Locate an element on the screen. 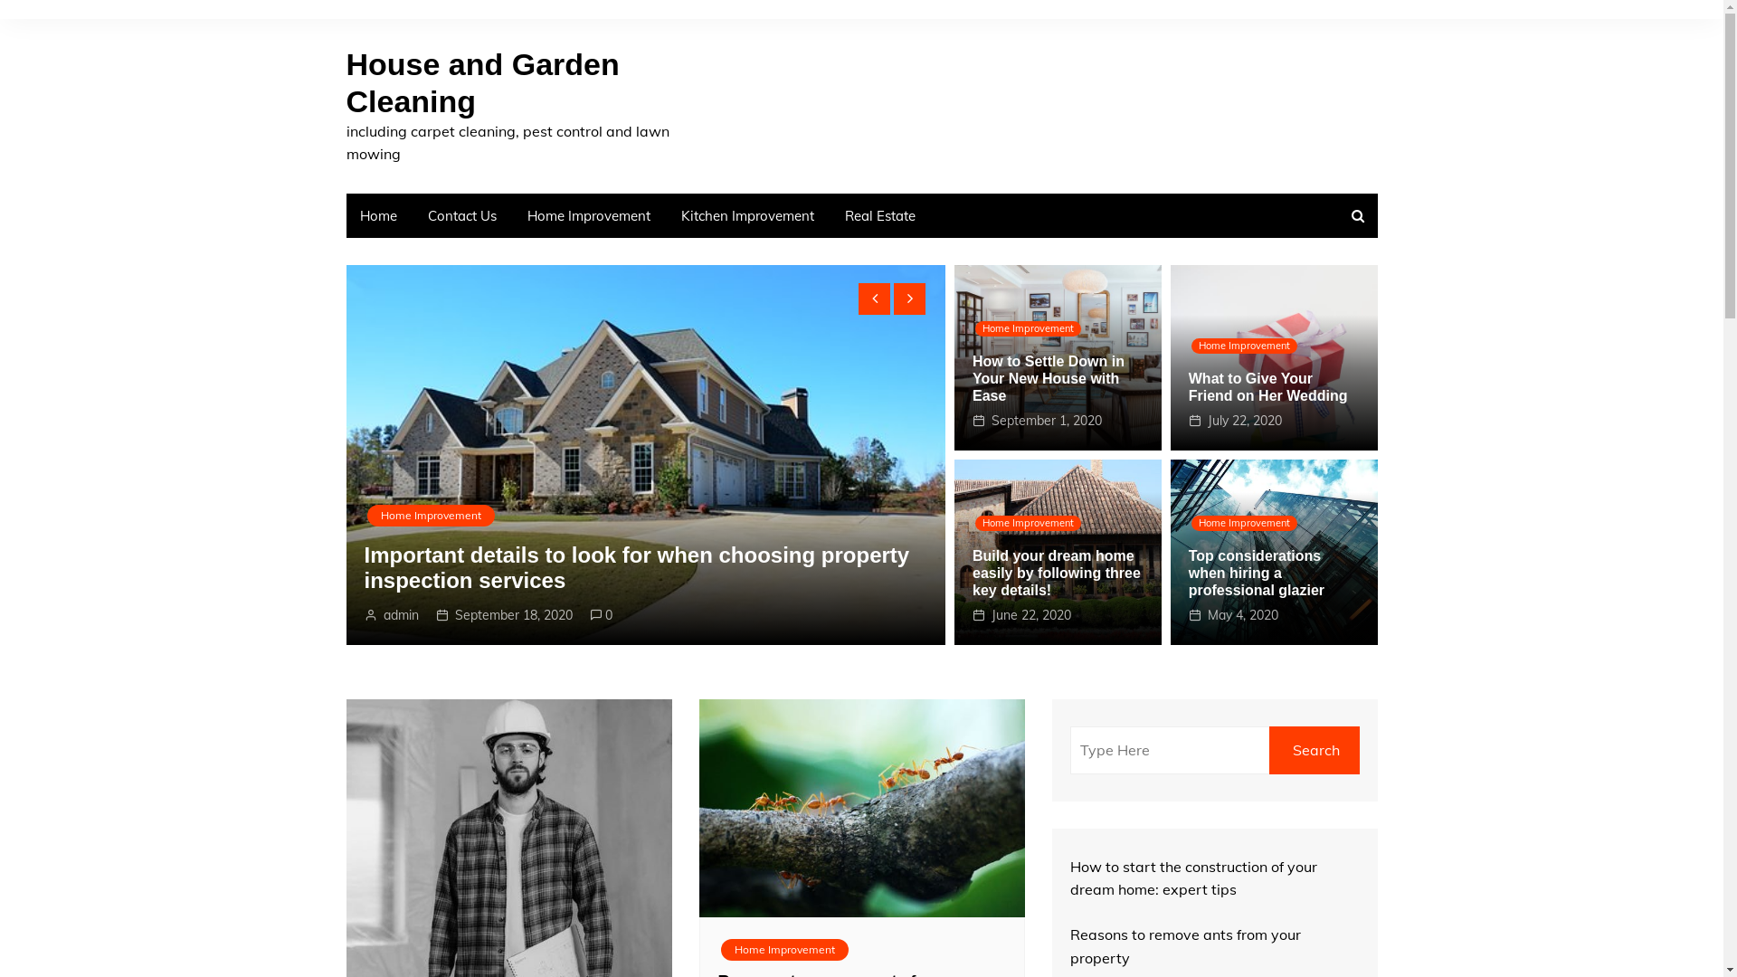 This screenshot has height=977, width=1737. 'Top considerations when hiring a professional glazier' is located at coordinates (1255, 573).